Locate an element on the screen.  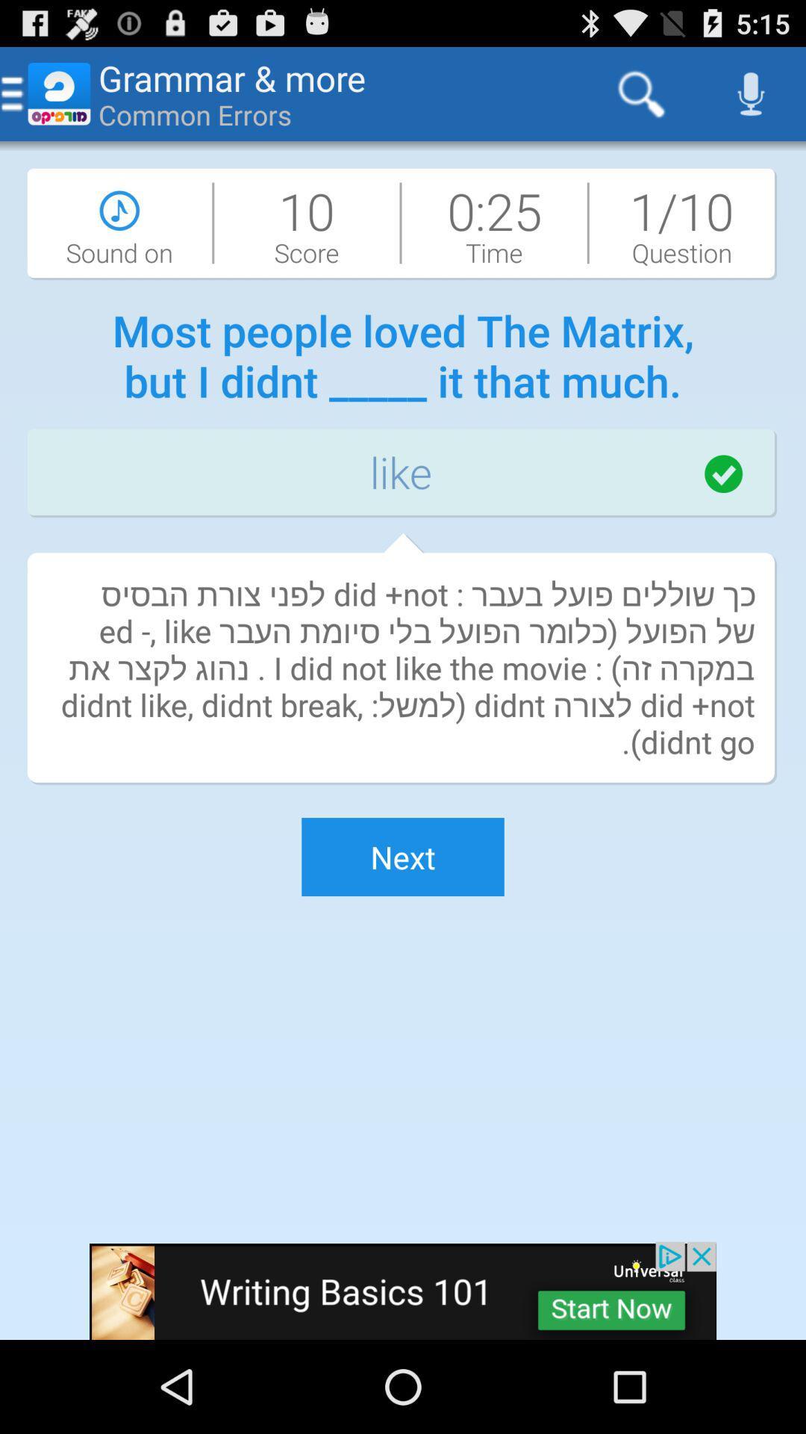
visit writing basics is located at coordinates (403, 1290).